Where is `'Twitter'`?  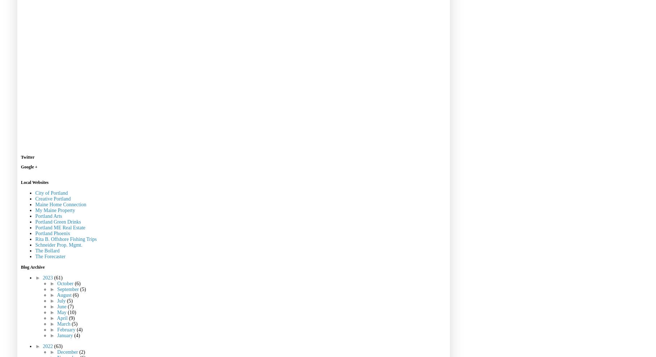
'Twitter' is located at coordinates (27, 157).